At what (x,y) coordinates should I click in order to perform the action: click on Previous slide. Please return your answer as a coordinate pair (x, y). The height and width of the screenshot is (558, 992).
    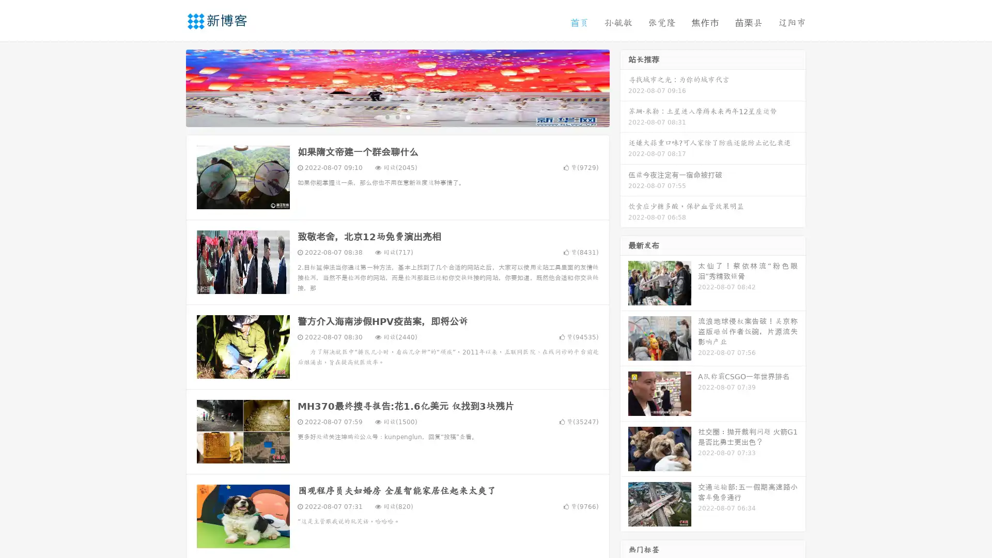
    Looking at the image, I should click on (171, 87).